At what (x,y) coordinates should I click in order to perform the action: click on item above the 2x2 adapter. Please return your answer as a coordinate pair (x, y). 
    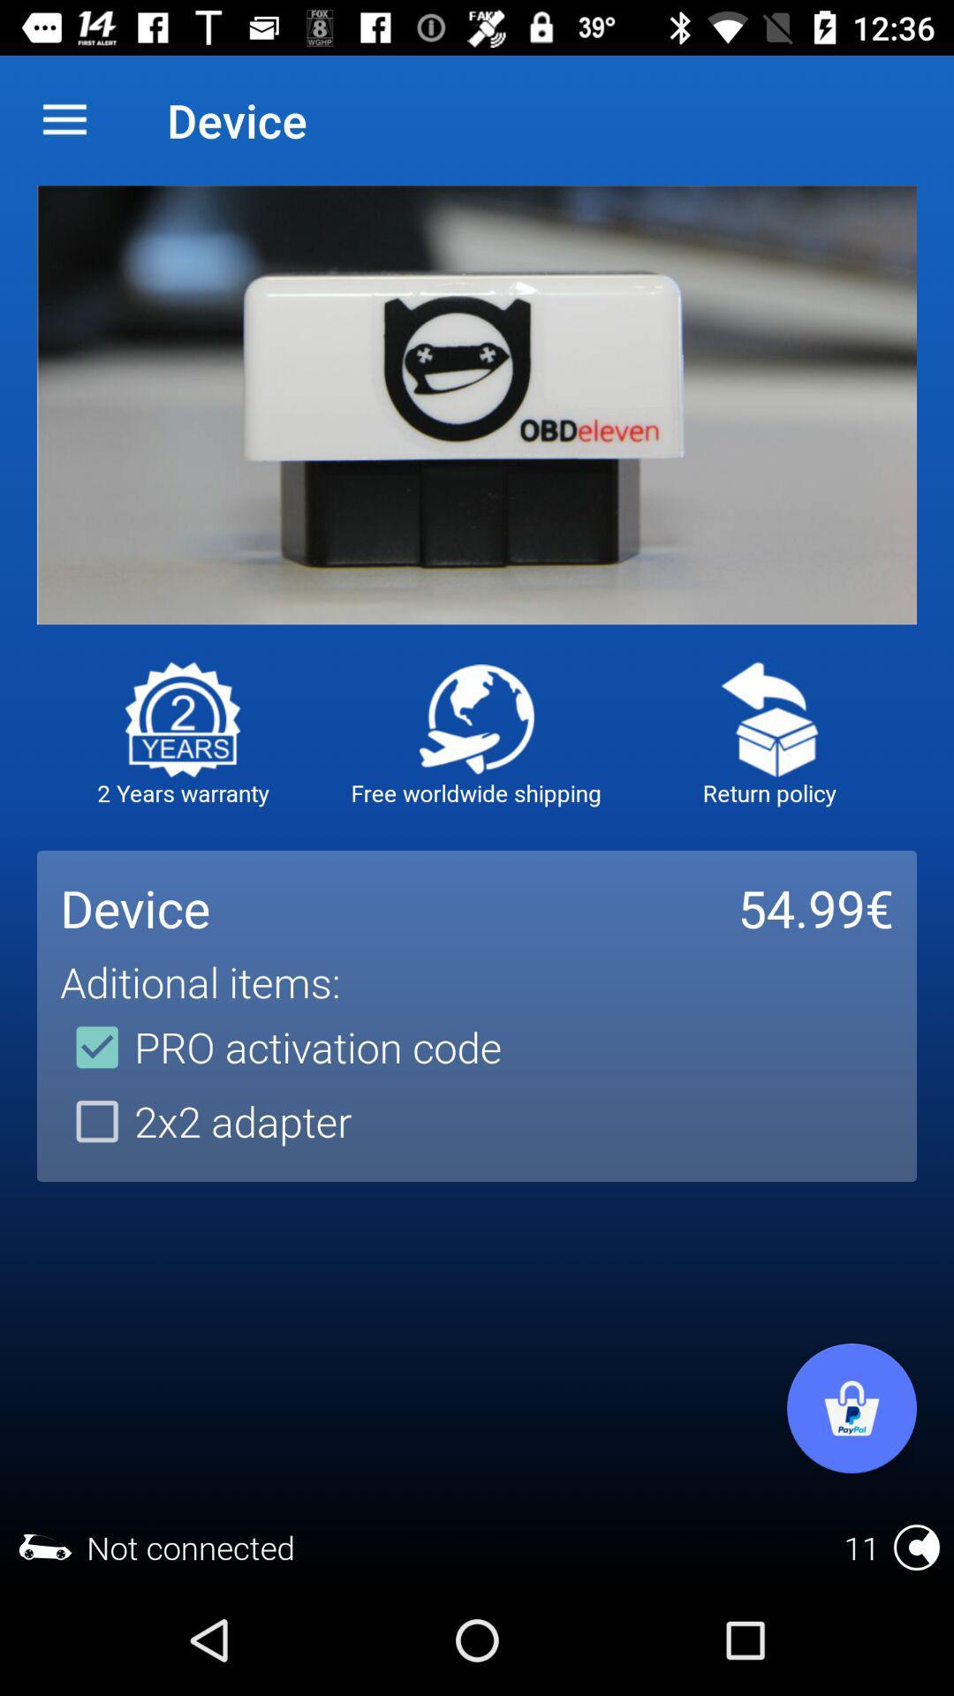
    Looking at the image, I should click on (280, 1047).